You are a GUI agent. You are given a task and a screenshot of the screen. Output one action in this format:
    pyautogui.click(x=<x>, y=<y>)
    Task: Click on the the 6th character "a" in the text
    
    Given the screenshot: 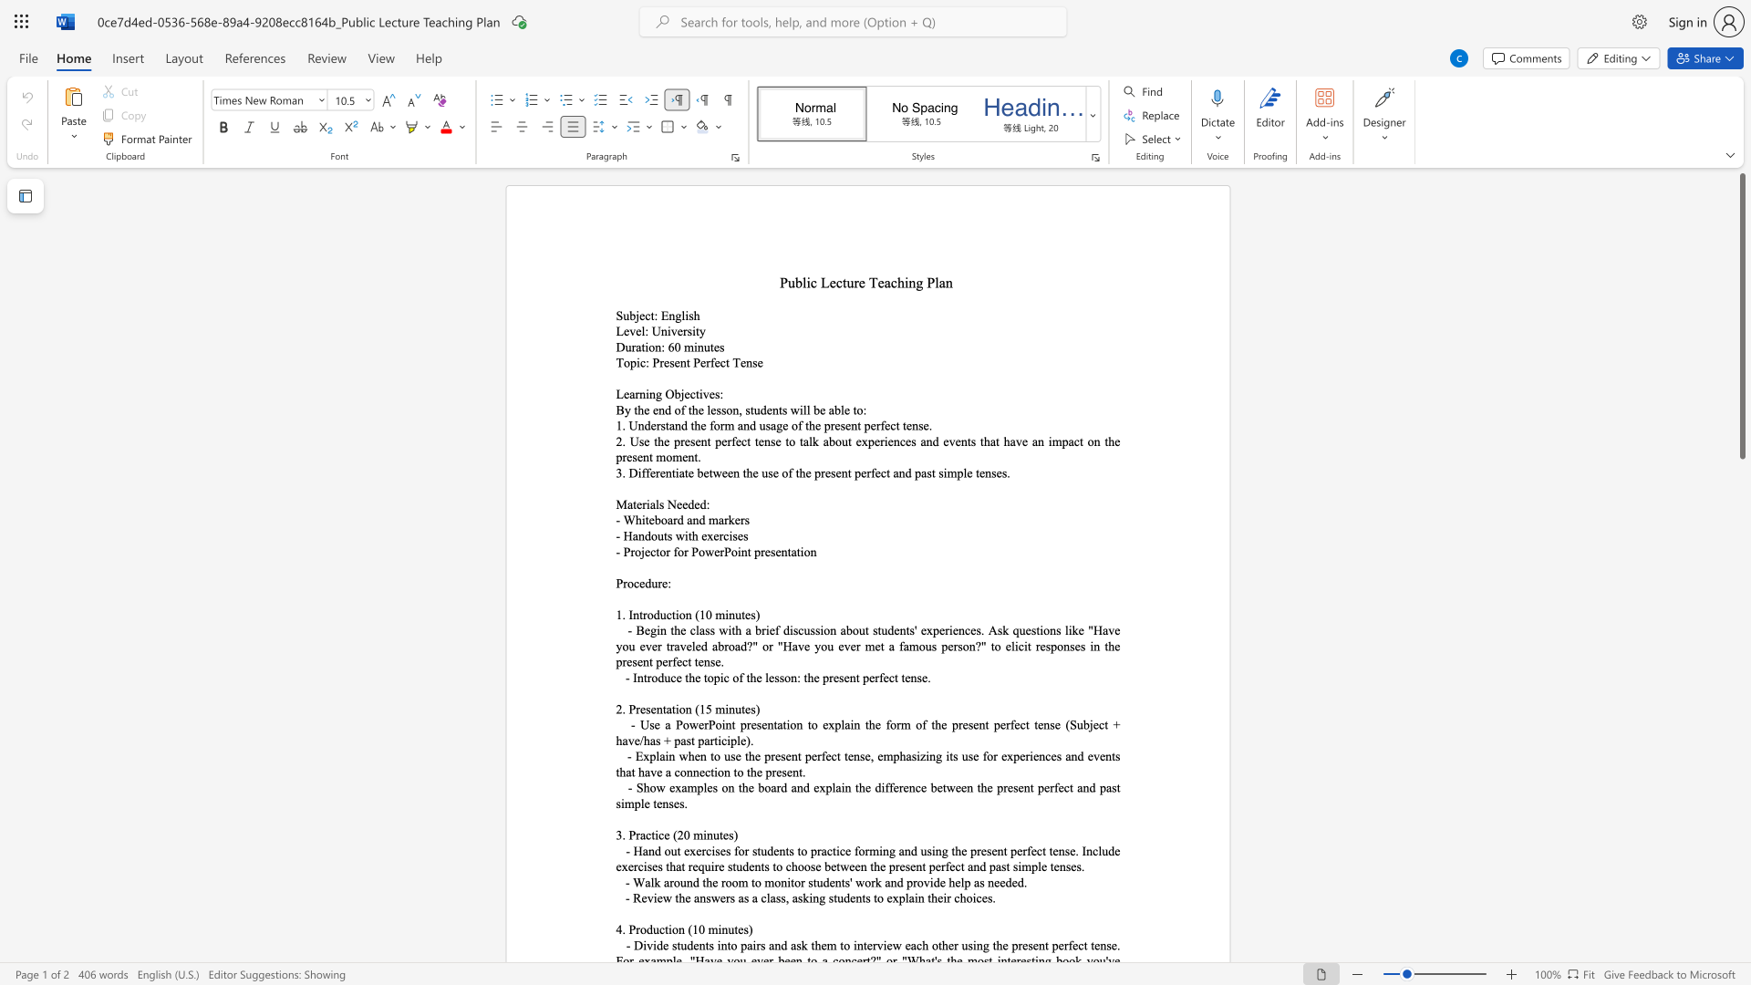 What is the action you would take?
    pyautogui.click(x=911, y=897)
    